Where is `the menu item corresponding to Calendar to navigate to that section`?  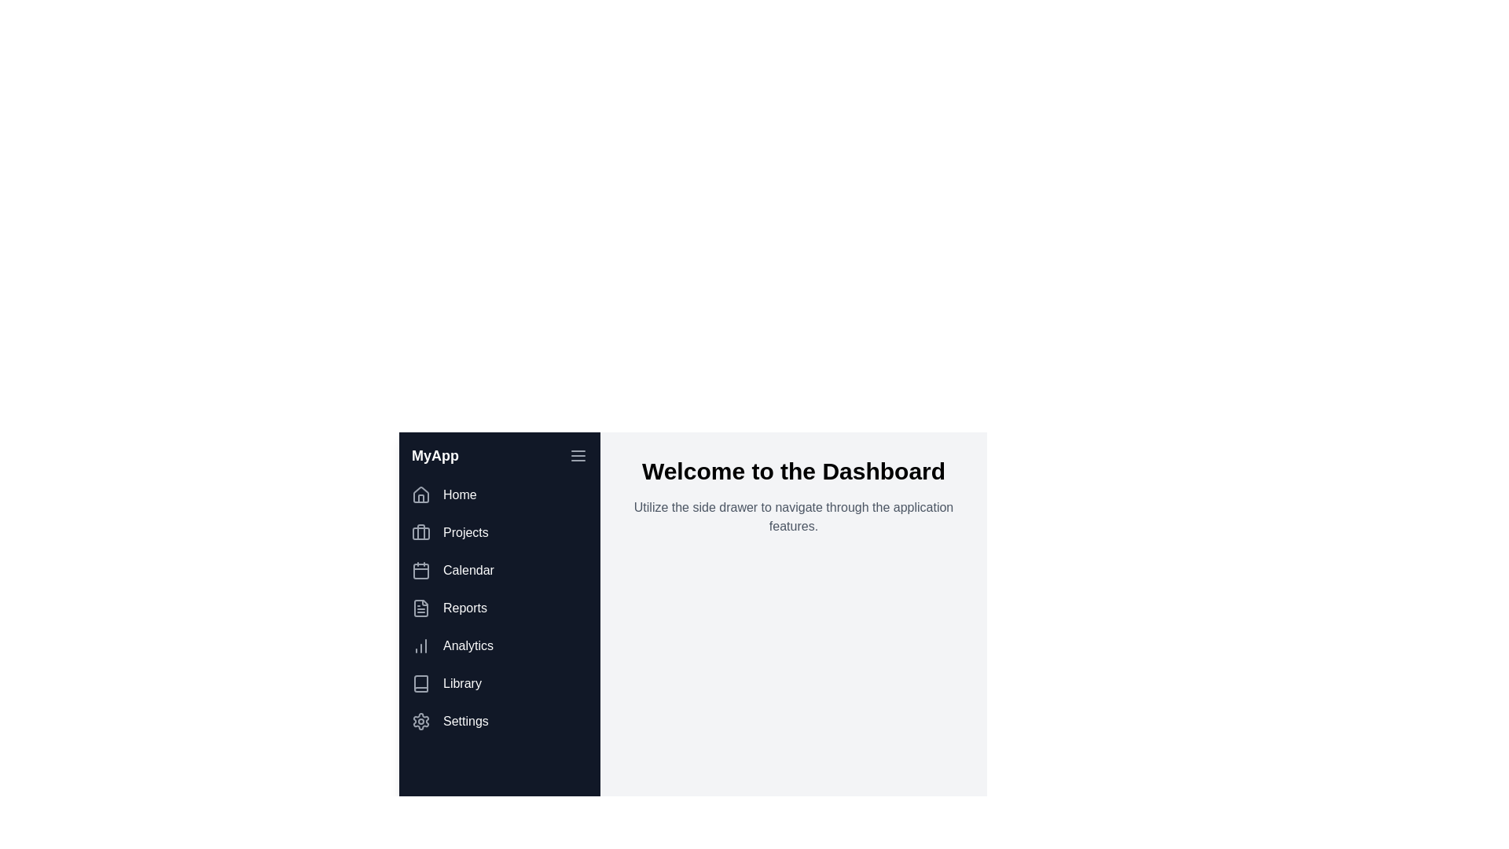 the menu item corresponding to Calendar to navigate to that section is located at coordinates (498, 570).